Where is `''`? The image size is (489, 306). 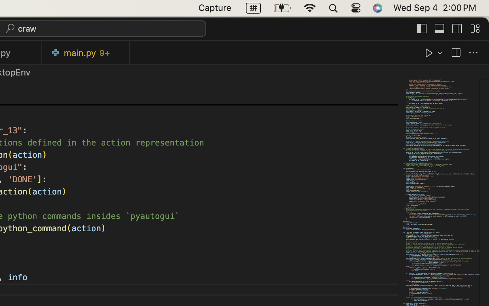 '' is located at coordinates (422, 28).